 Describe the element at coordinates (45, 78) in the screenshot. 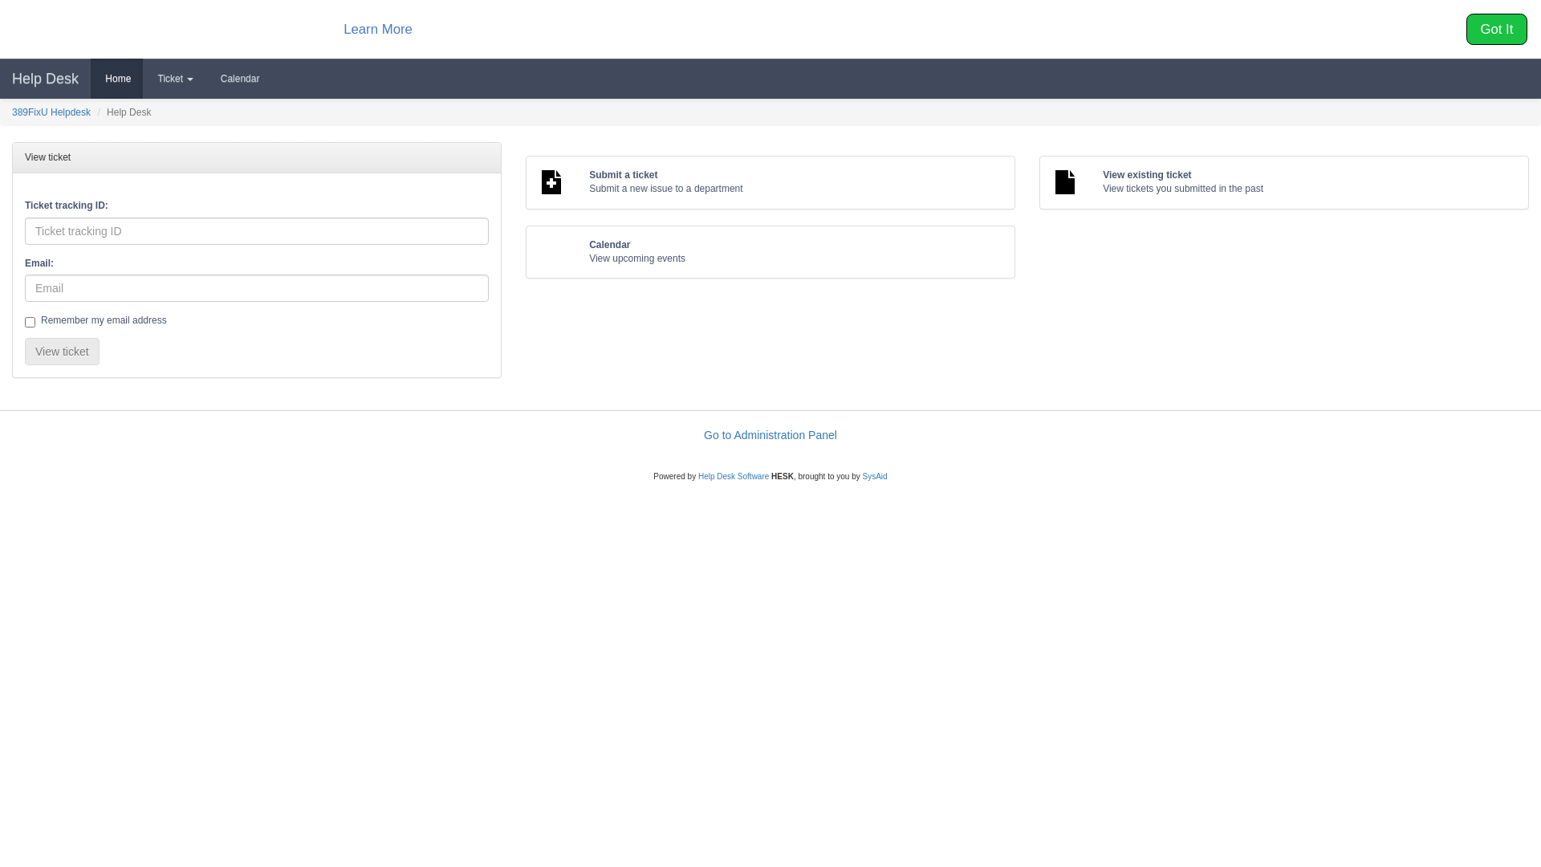

I see `'Help Desk'` at that location.